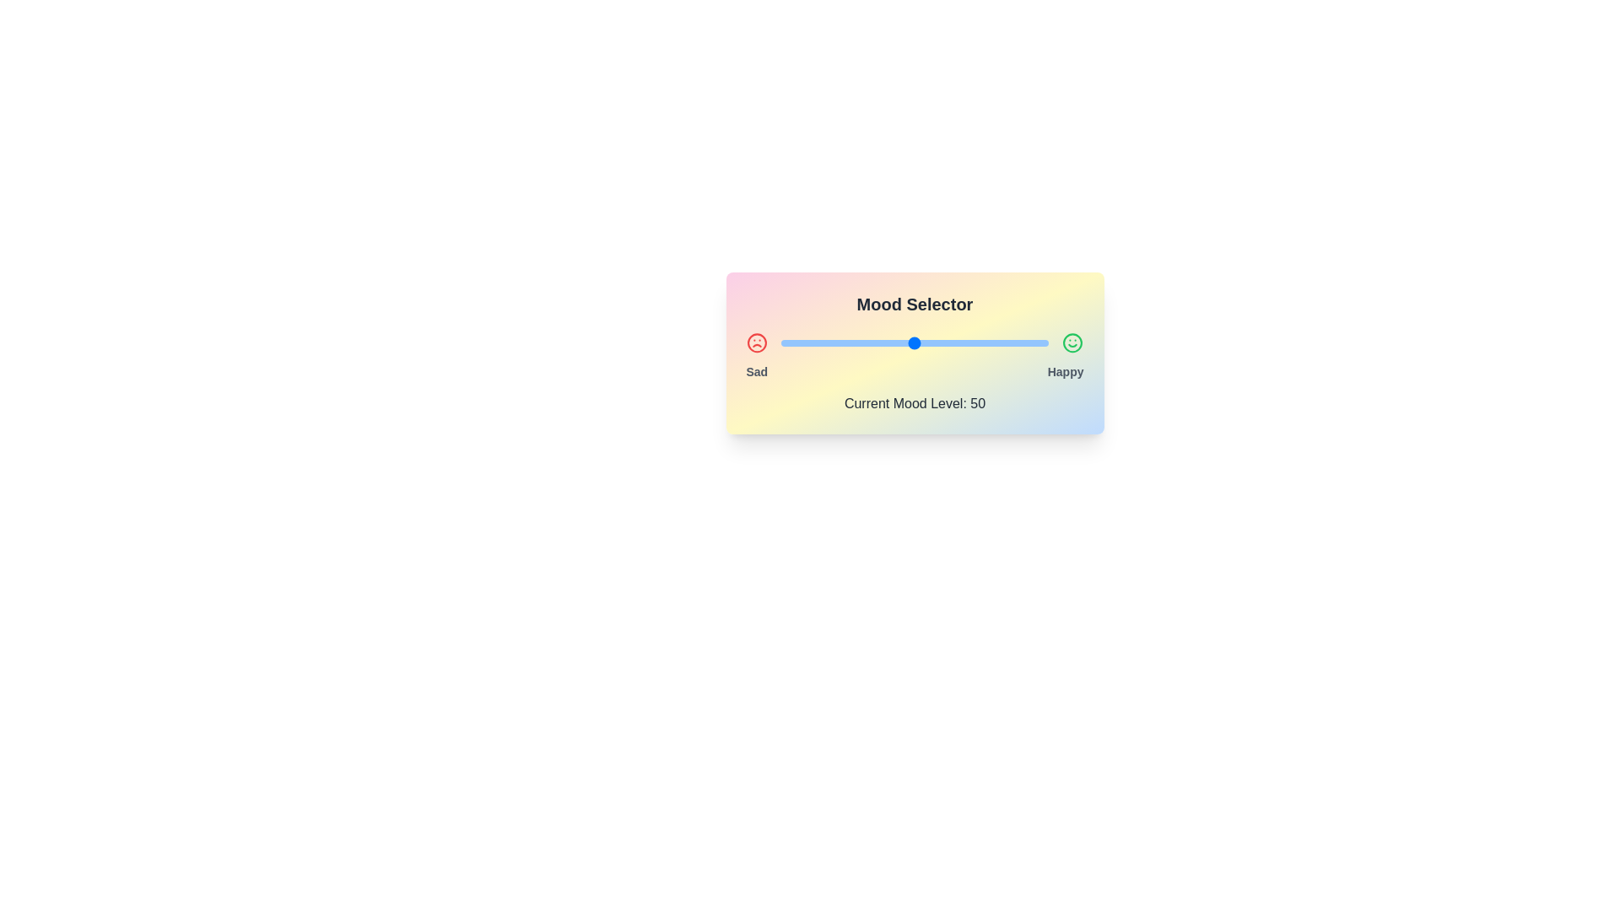  Describe the element at coordinates (952, 342) in the screenshot. I see `the mood level to 64 by interacting with the slider` at that location.